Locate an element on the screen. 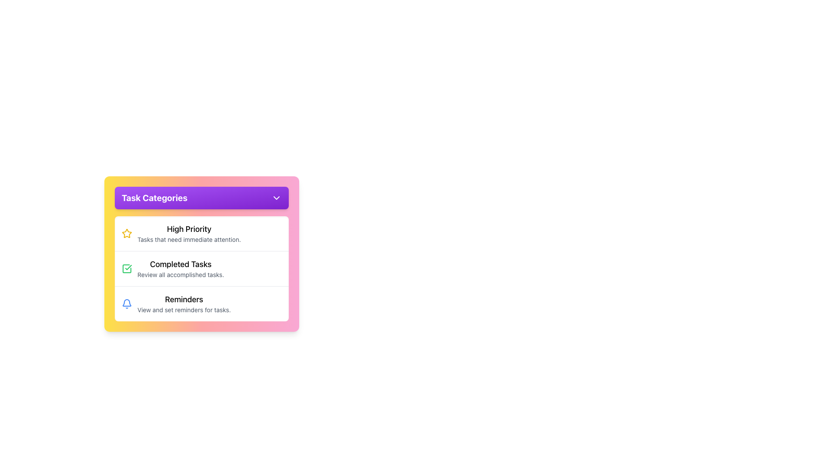  the bell icon located to the left of the 'Reminders' label in the 'Task Categories' section, which is the third icon in the list is located at coordinates (127, 303).